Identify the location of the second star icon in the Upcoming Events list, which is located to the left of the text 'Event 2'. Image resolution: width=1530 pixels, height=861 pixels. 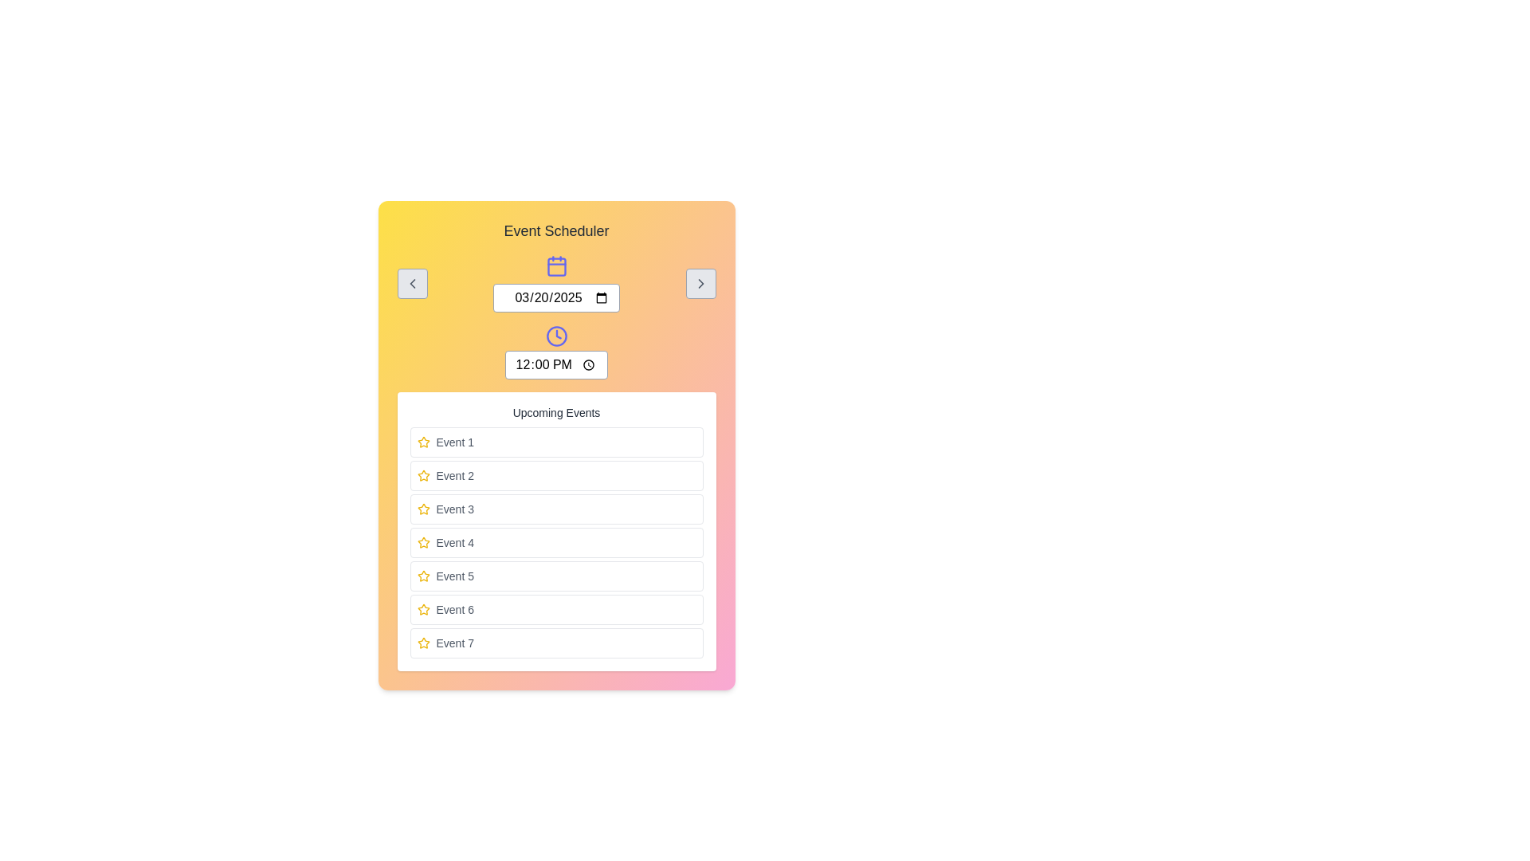
(423, 474).